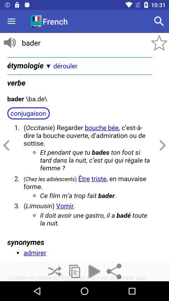 The width and height of the screenshot is (169, 301). What do you see at coordinates (161, 145) in the screenshot?
I see `next pega` at bounding box center [161, 145].